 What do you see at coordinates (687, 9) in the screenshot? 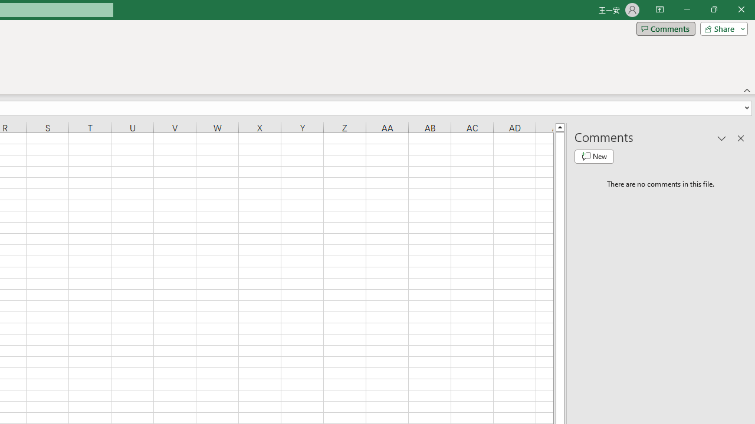
I see `'Minimize'` at bounding box center [687, 9].